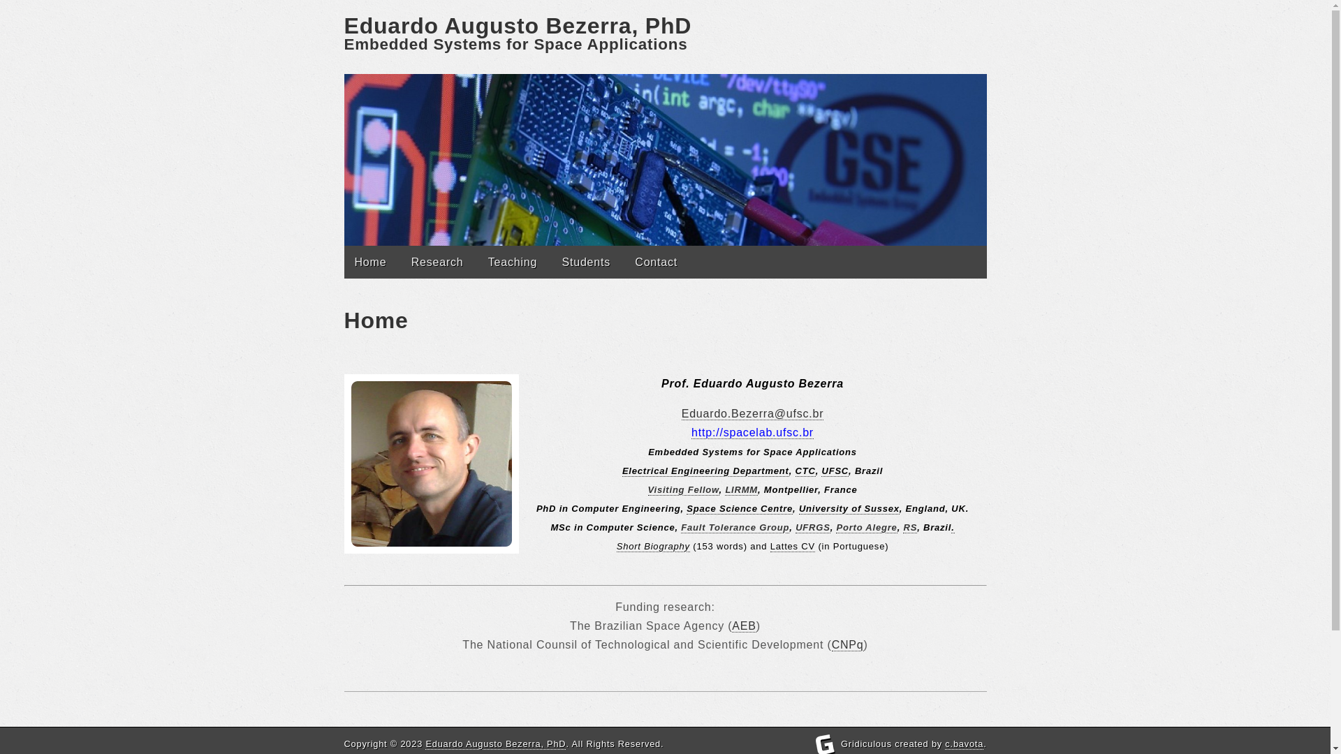 Image resolution: width=1341 pixels, height=754 pixels. Describe the element at coordinates (586, 262) in the screenshot. I see `'Students'` at that location.